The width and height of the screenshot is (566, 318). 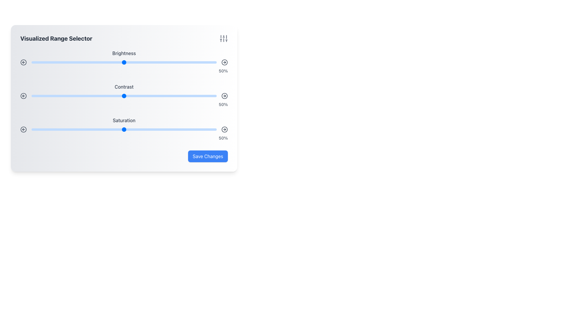 What do you see at coordinates (163, 62) in the screenshot?
I see `the brightness` at bounding box center [163, 62].